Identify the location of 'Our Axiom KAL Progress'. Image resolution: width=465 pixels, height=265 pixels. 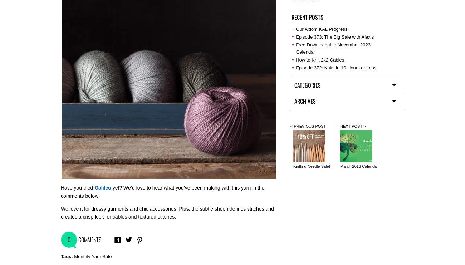
(321, 28).